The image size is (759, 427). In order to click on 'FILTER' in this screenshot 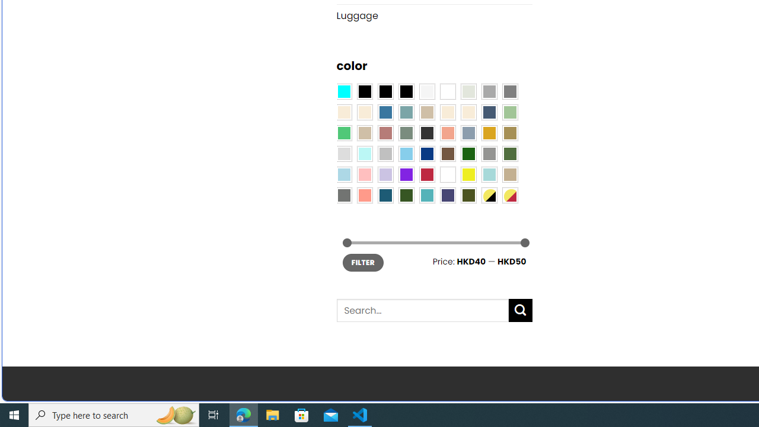, I will do `click(362, 262)`.